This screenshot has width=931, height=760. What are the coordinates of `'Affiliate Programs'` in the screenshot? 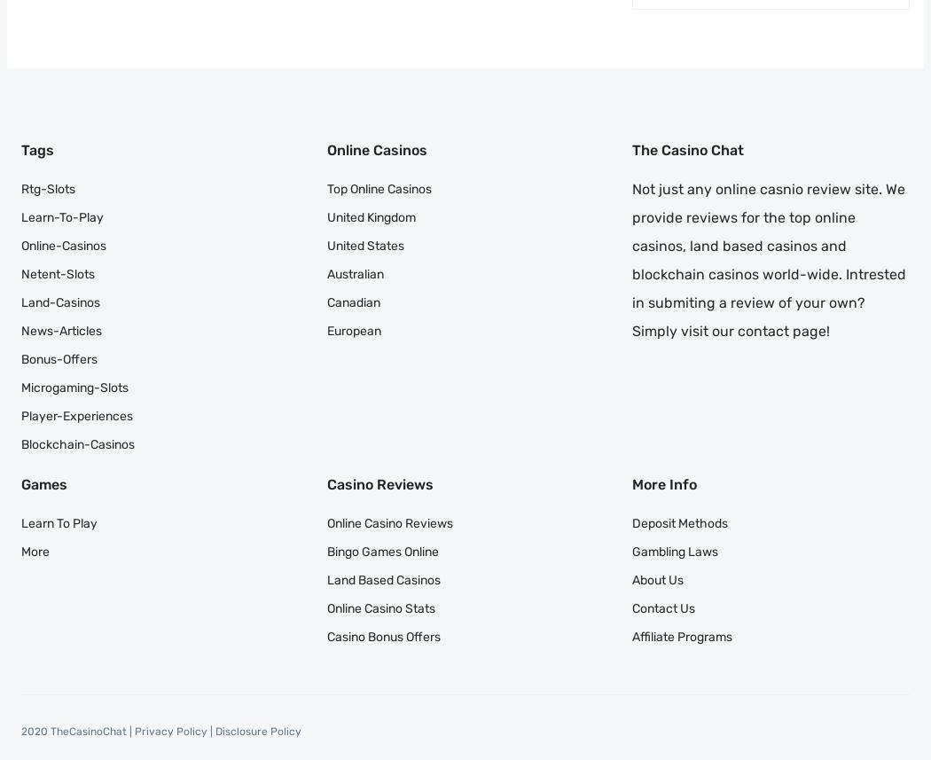 It's located at (682, 636).